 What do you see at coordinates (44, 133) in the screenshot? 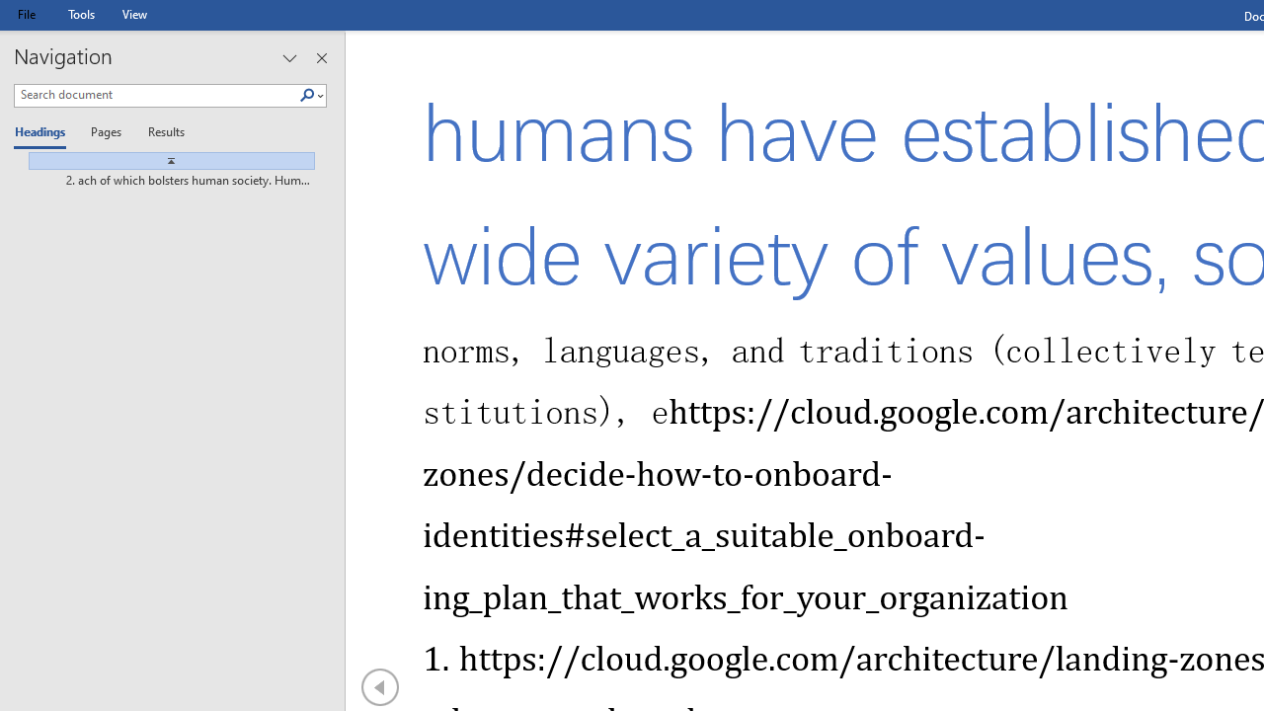
I see `'Headings'` at bounding box center [44, 133].